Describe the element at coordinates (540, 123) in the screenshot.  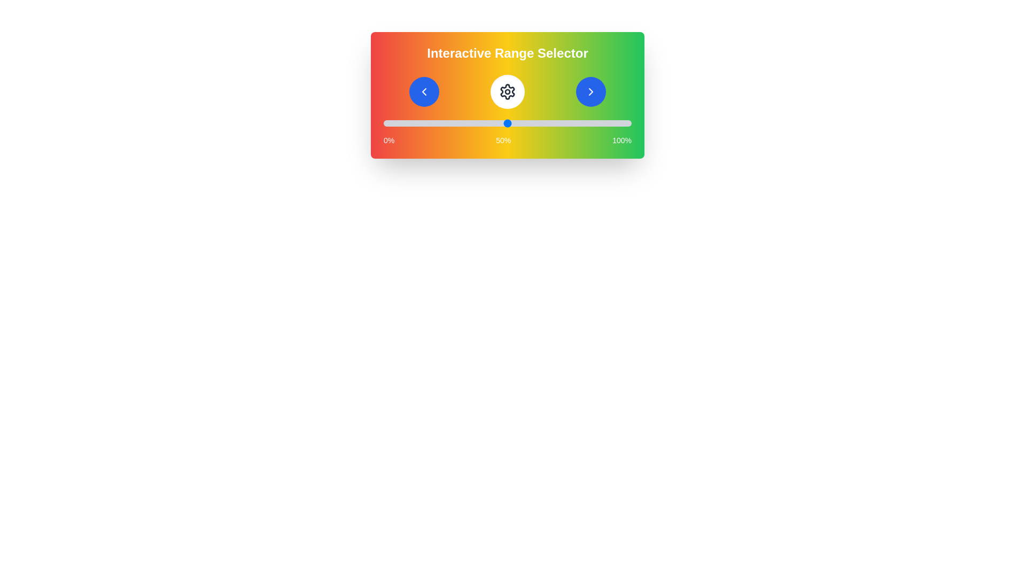
I see `the slider to set the value to 63%` at that location.